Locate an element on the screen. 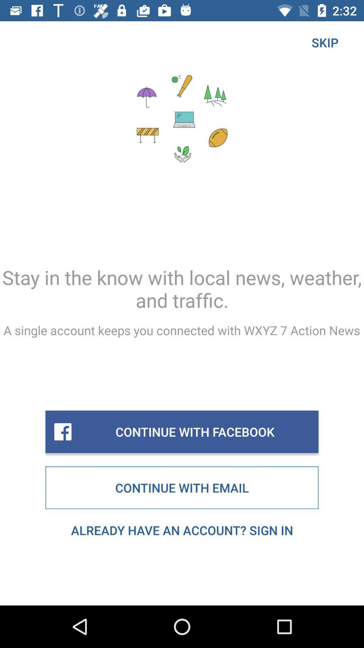  already have an icon is located at coordinates (182, 530).